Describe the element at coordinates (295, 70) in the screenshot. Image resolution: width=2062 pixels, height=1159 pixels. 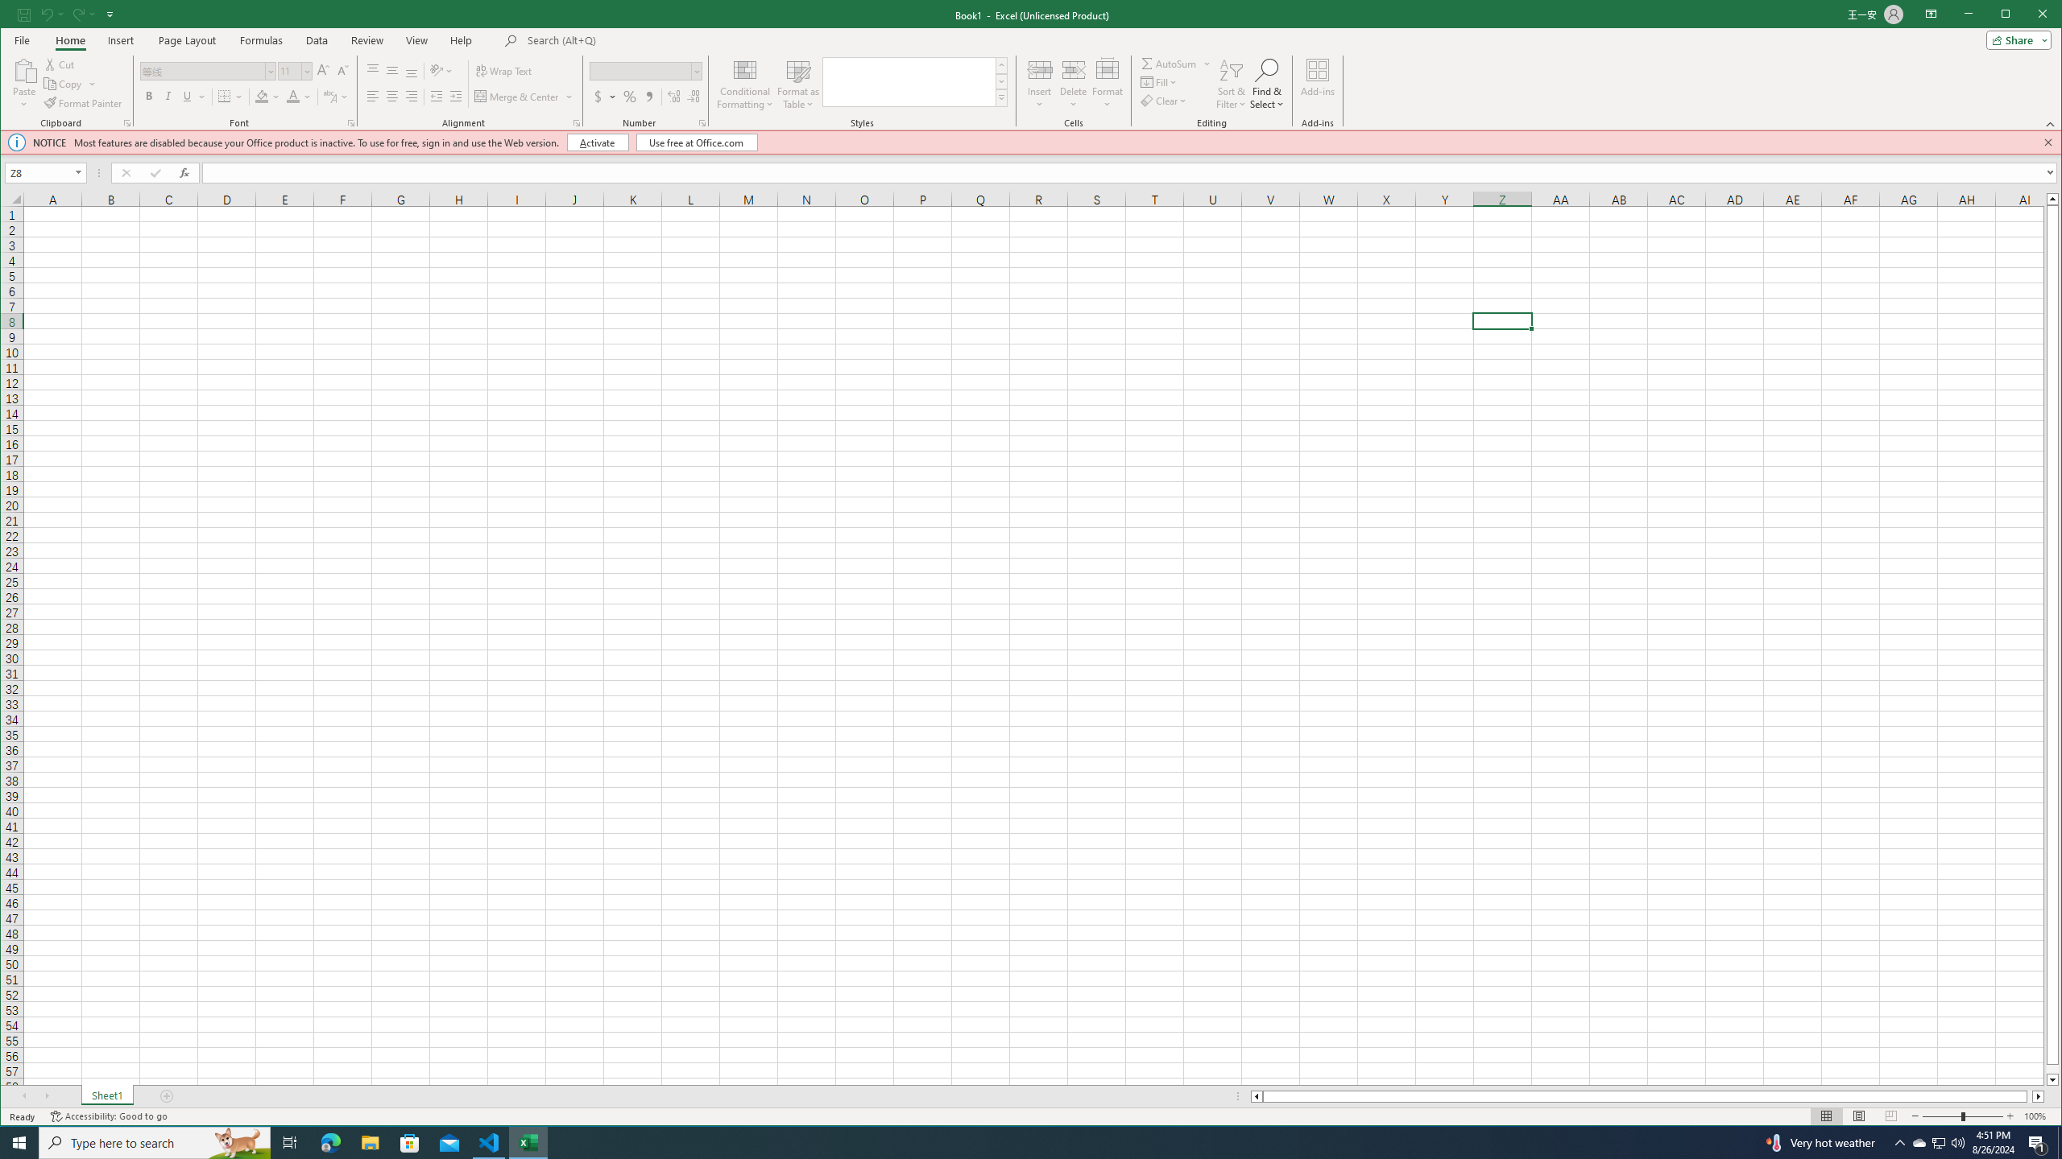
I see `'Font Size'` at that location.